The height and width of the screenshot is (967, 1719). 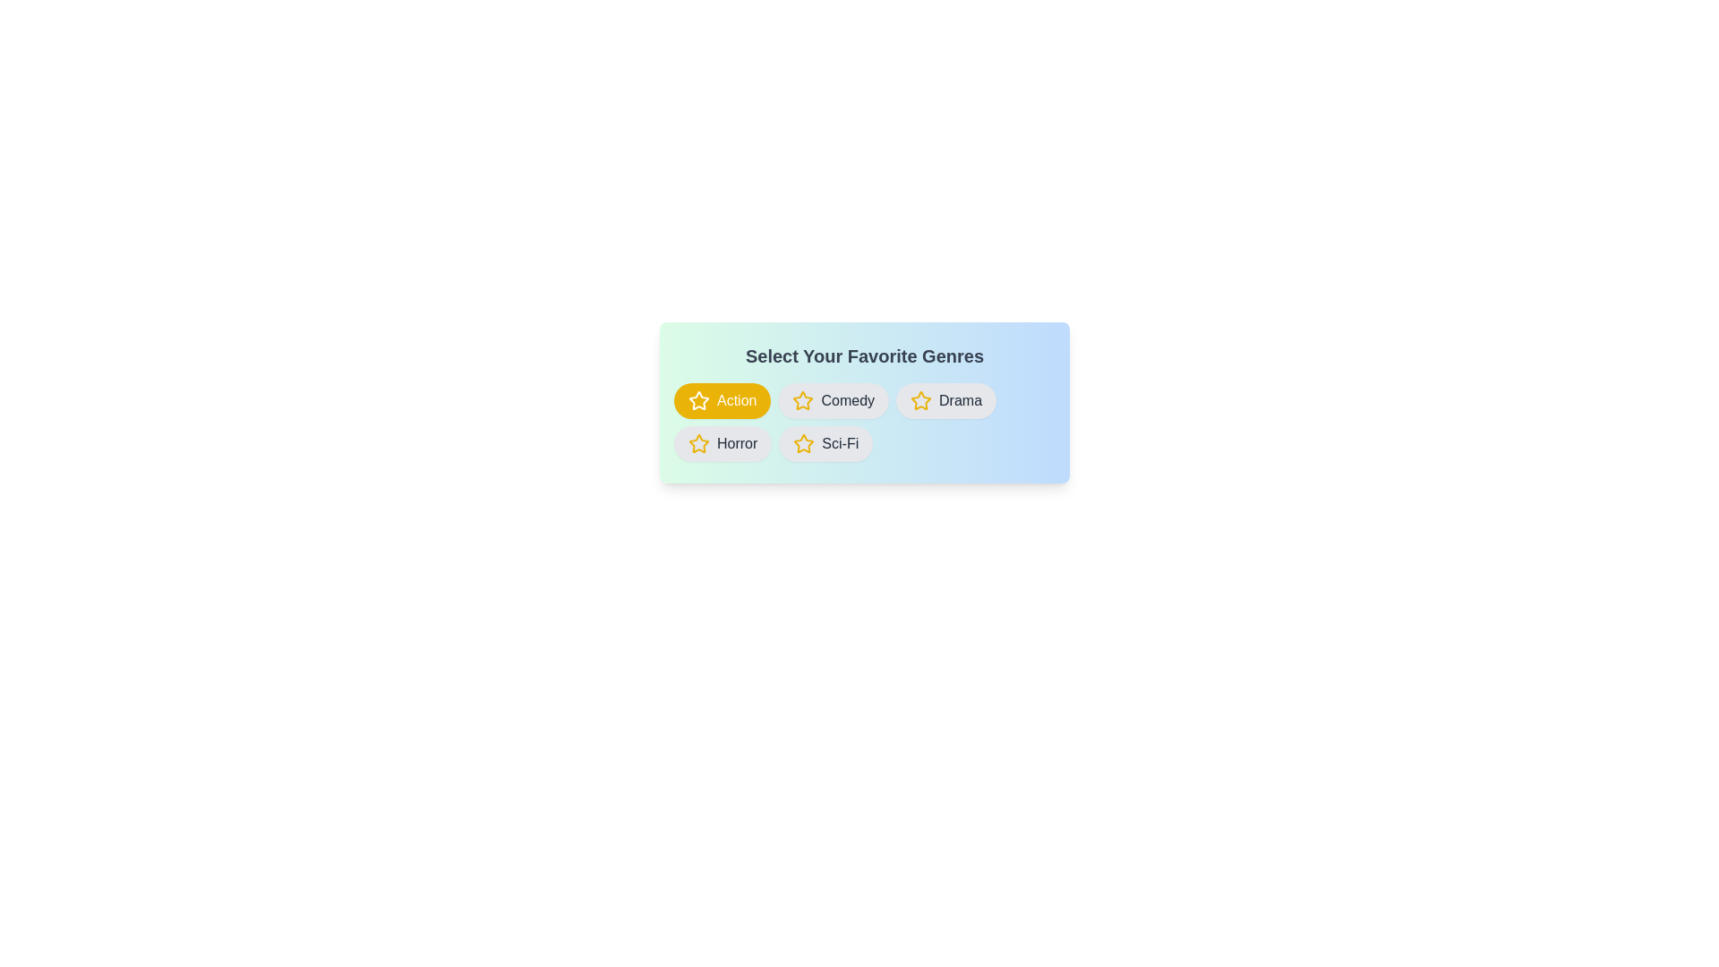 What do you see at coordinates (722, 443) in the screenshot?
I see `the category Horror to observe the hover effect` at bounding box center [722, 443].